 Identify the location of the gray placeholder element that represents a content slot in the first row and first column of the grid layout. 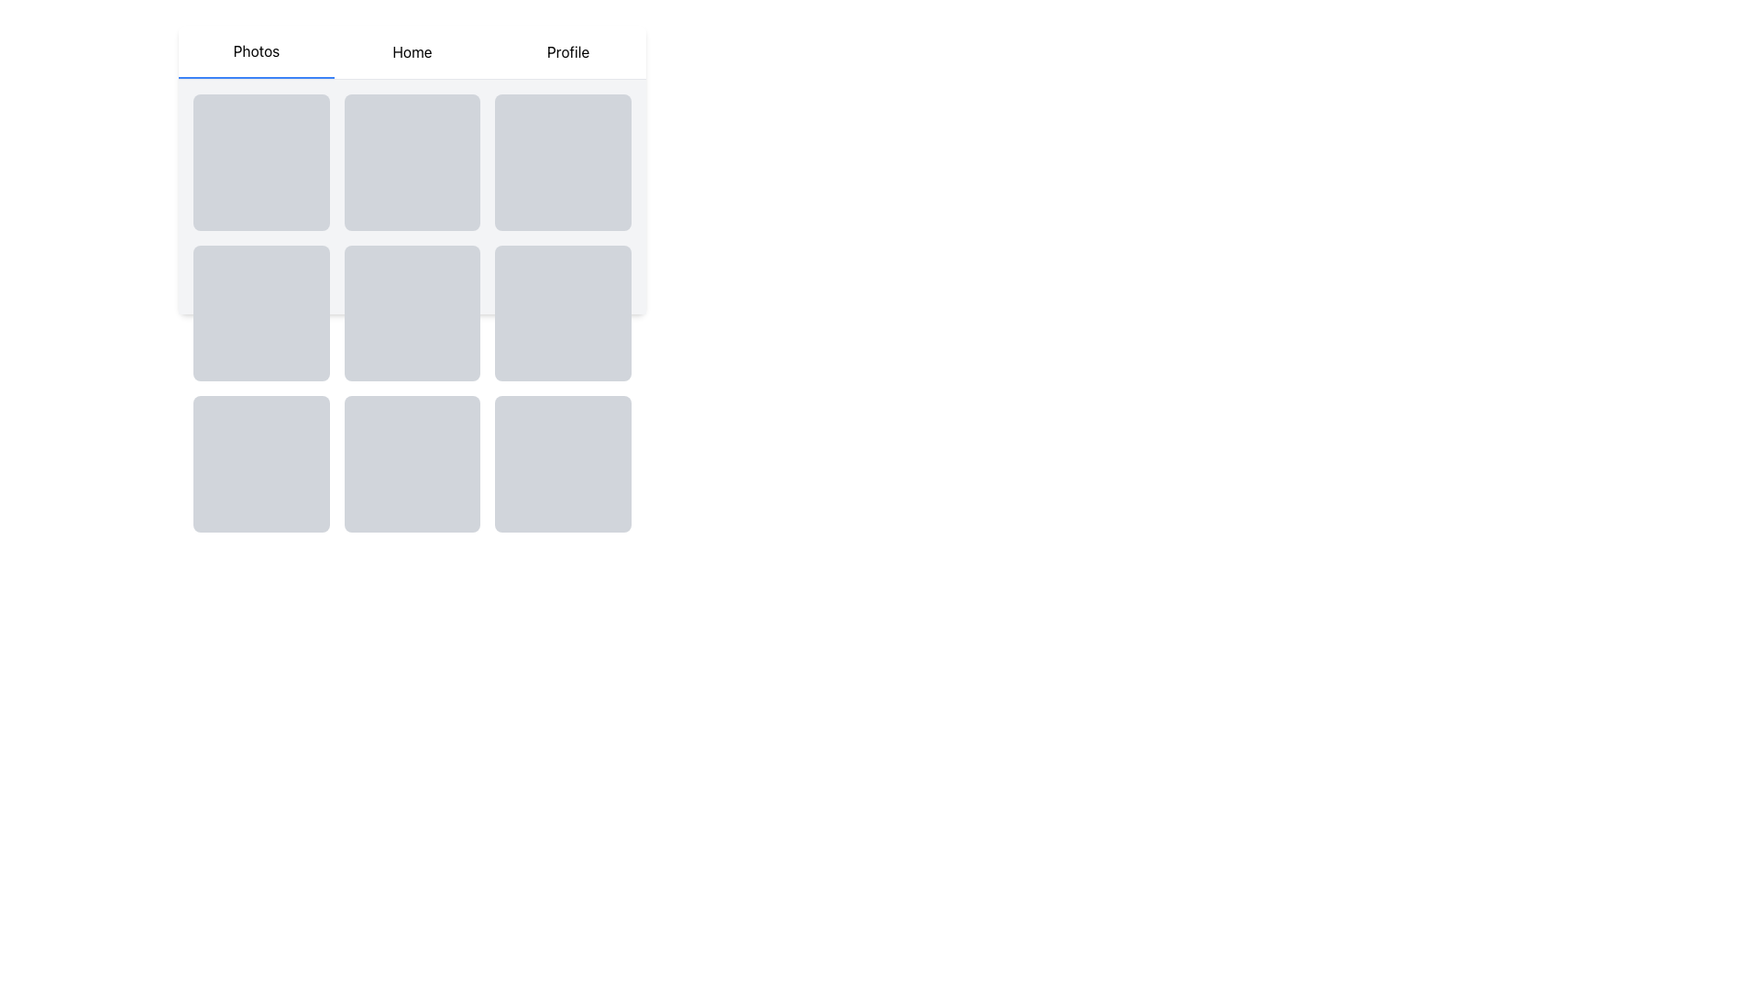
(260, 161).